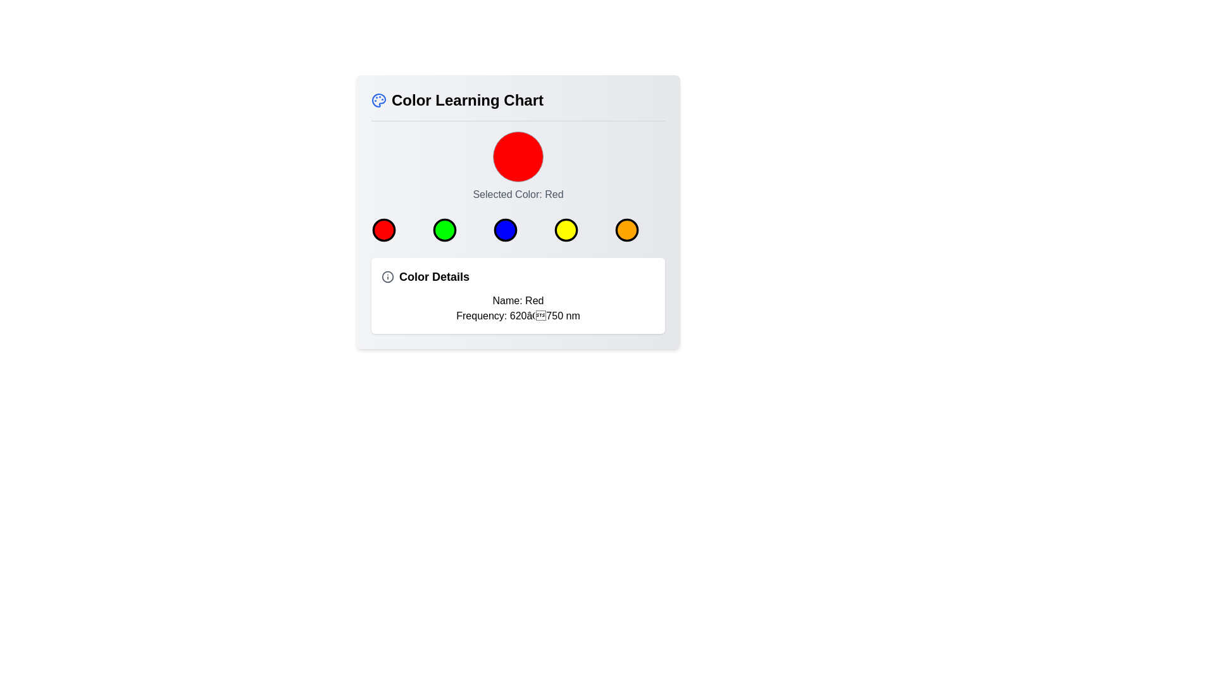 This screenshot has width=1215, height=683. I want to click on the first red color selection icon in the Color Learning Chart module, so click(383, 230).